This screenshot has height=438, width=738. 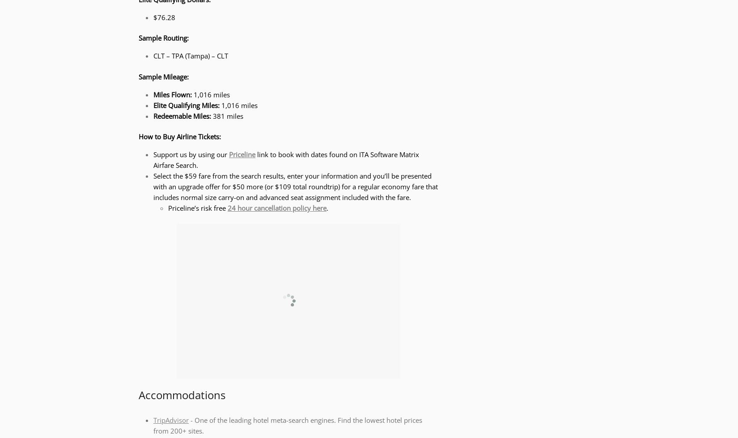 I want to click on 'Sample Routing:', so click(x=163, y=37).